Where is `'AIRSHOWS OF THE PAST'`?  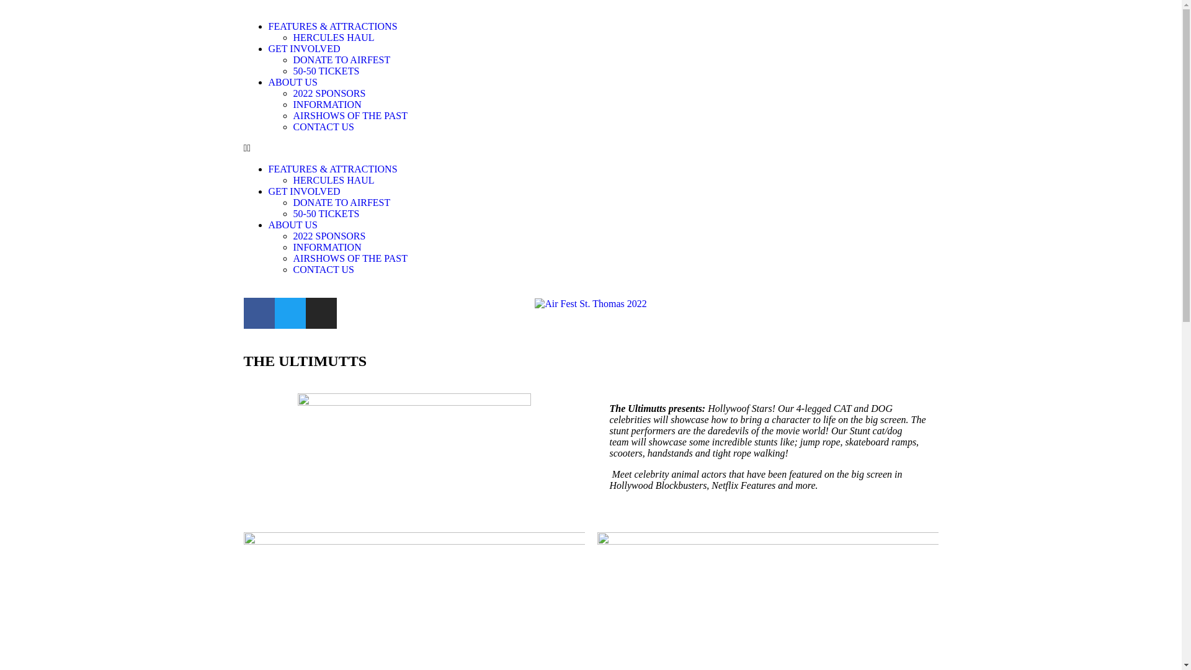
'AIRSHOWS OF THE PAST' is located at coordinates (349, 257).